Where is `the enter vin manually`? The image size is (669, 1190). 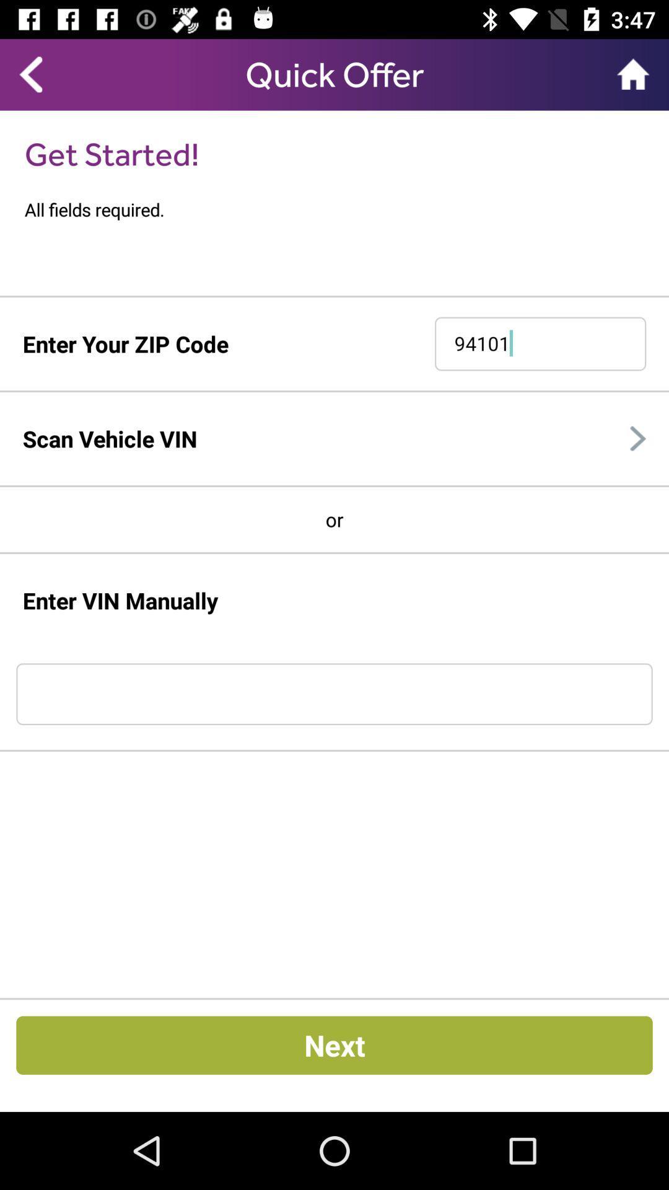
the enter vin manually is located at coordinates (120, 601).